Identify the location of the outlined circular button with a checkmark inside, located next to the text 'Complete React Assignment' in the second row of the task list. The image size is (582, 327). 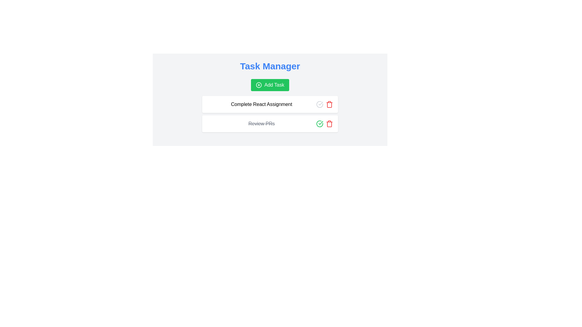
(319, 104).